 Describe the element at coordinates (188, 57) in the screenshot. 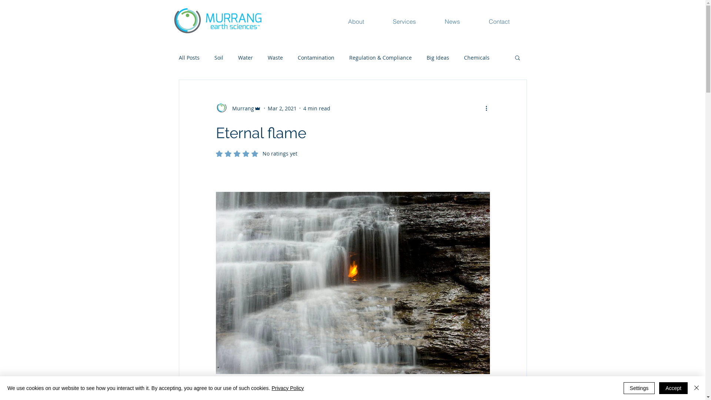

I see `'All Posts'` at that location.